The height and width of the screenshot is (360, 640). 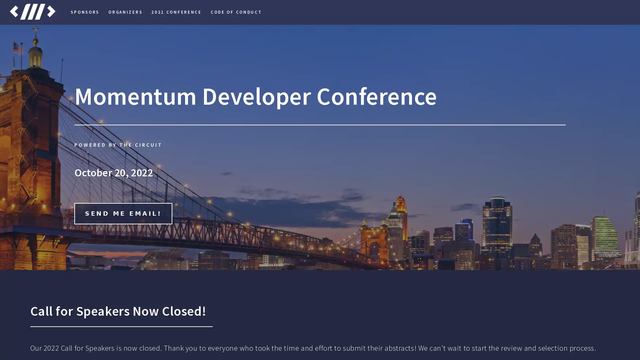 I want to click on SEND ME EMAIL!, so click(x=123, y=213).